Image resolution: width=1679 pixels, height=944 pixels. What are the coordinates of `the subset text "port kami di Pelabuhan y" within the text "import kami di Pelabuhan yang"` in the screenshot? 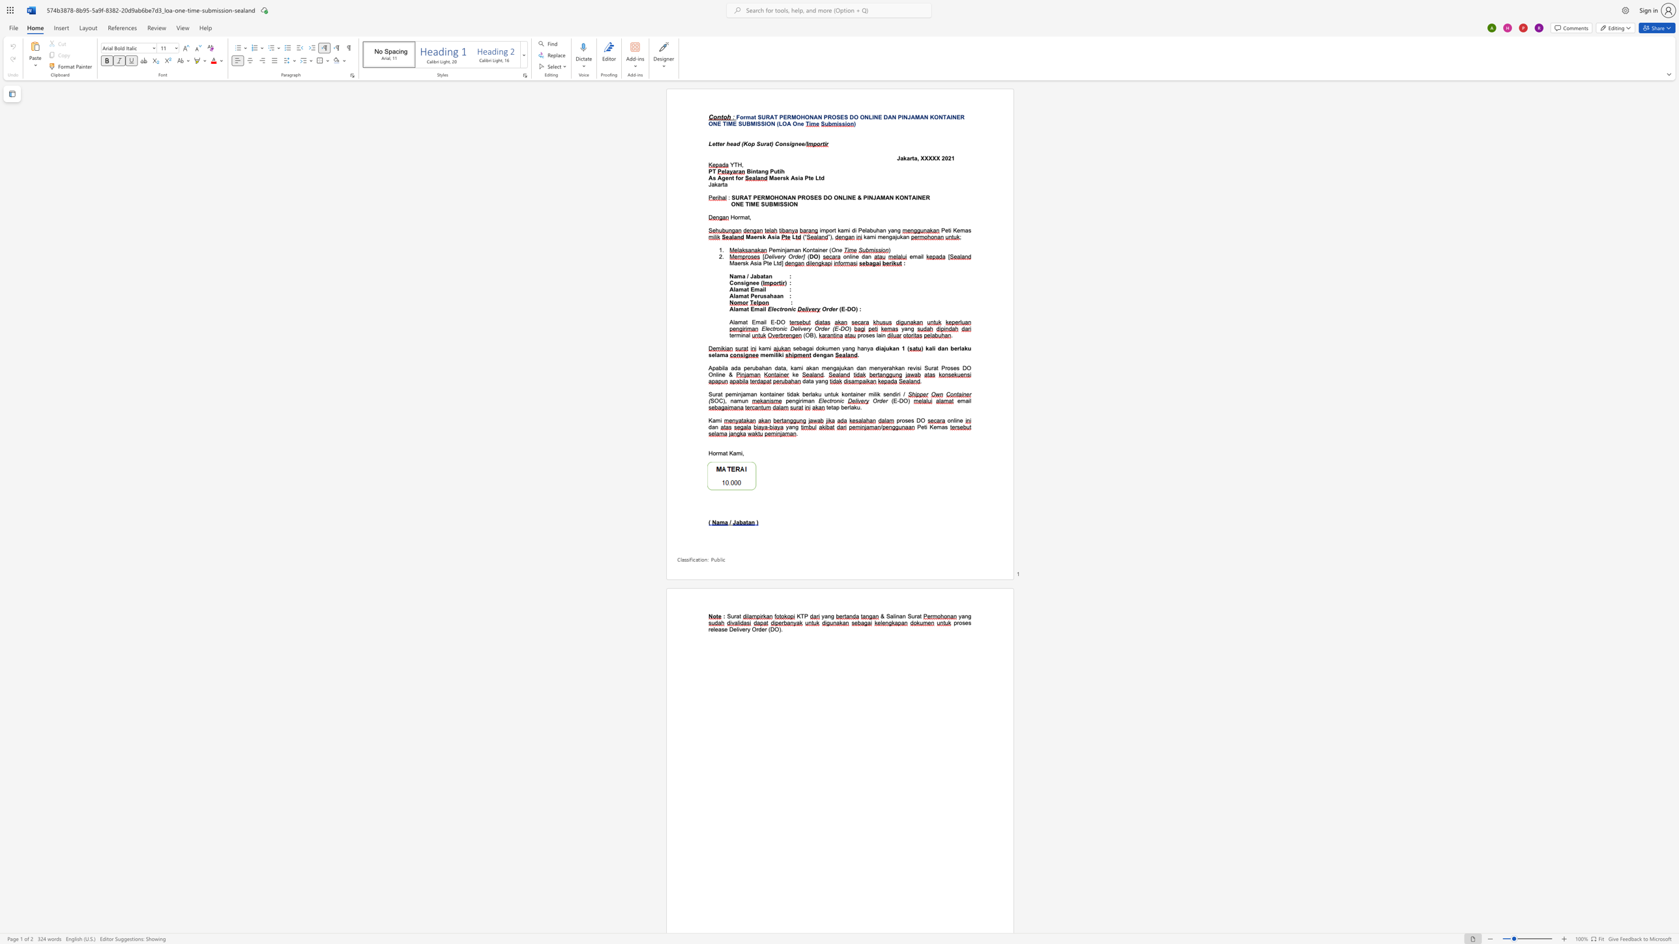 It's located at (825, 230).